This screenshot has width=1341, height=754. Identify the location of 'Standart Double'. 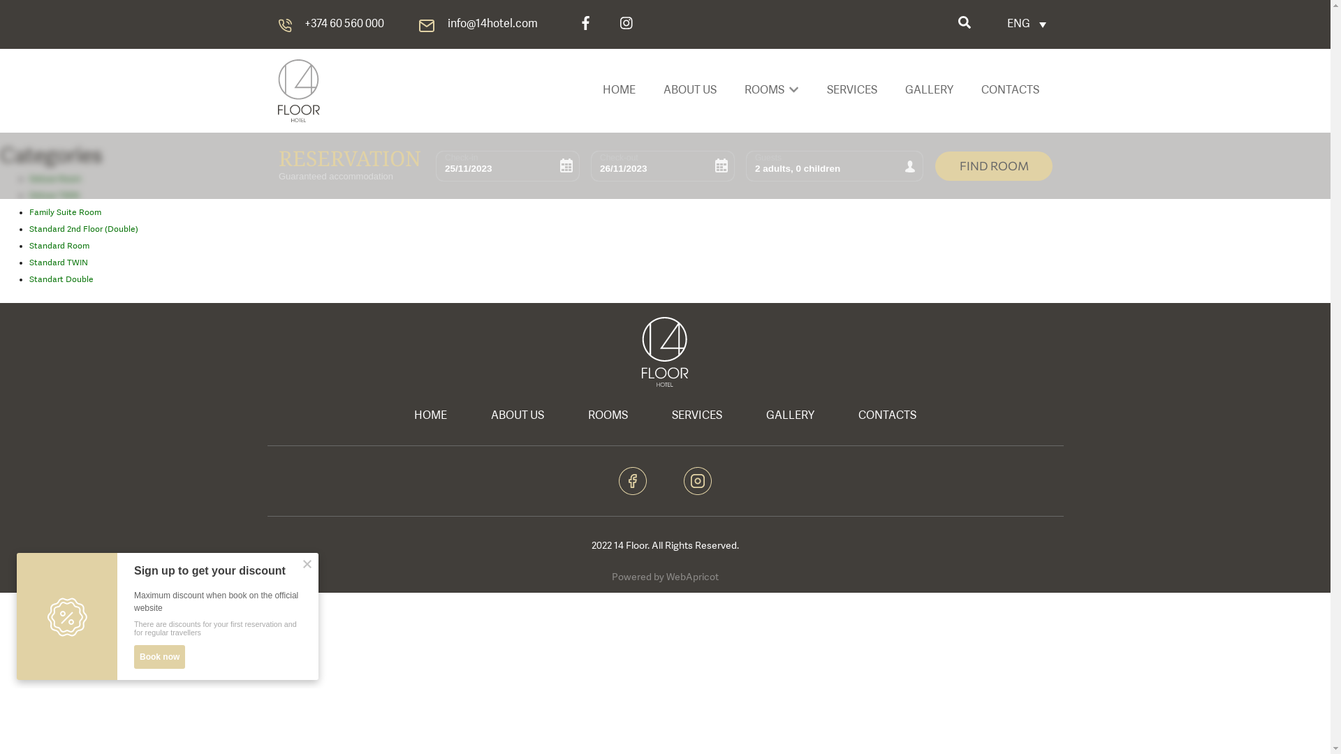
(29, 280).